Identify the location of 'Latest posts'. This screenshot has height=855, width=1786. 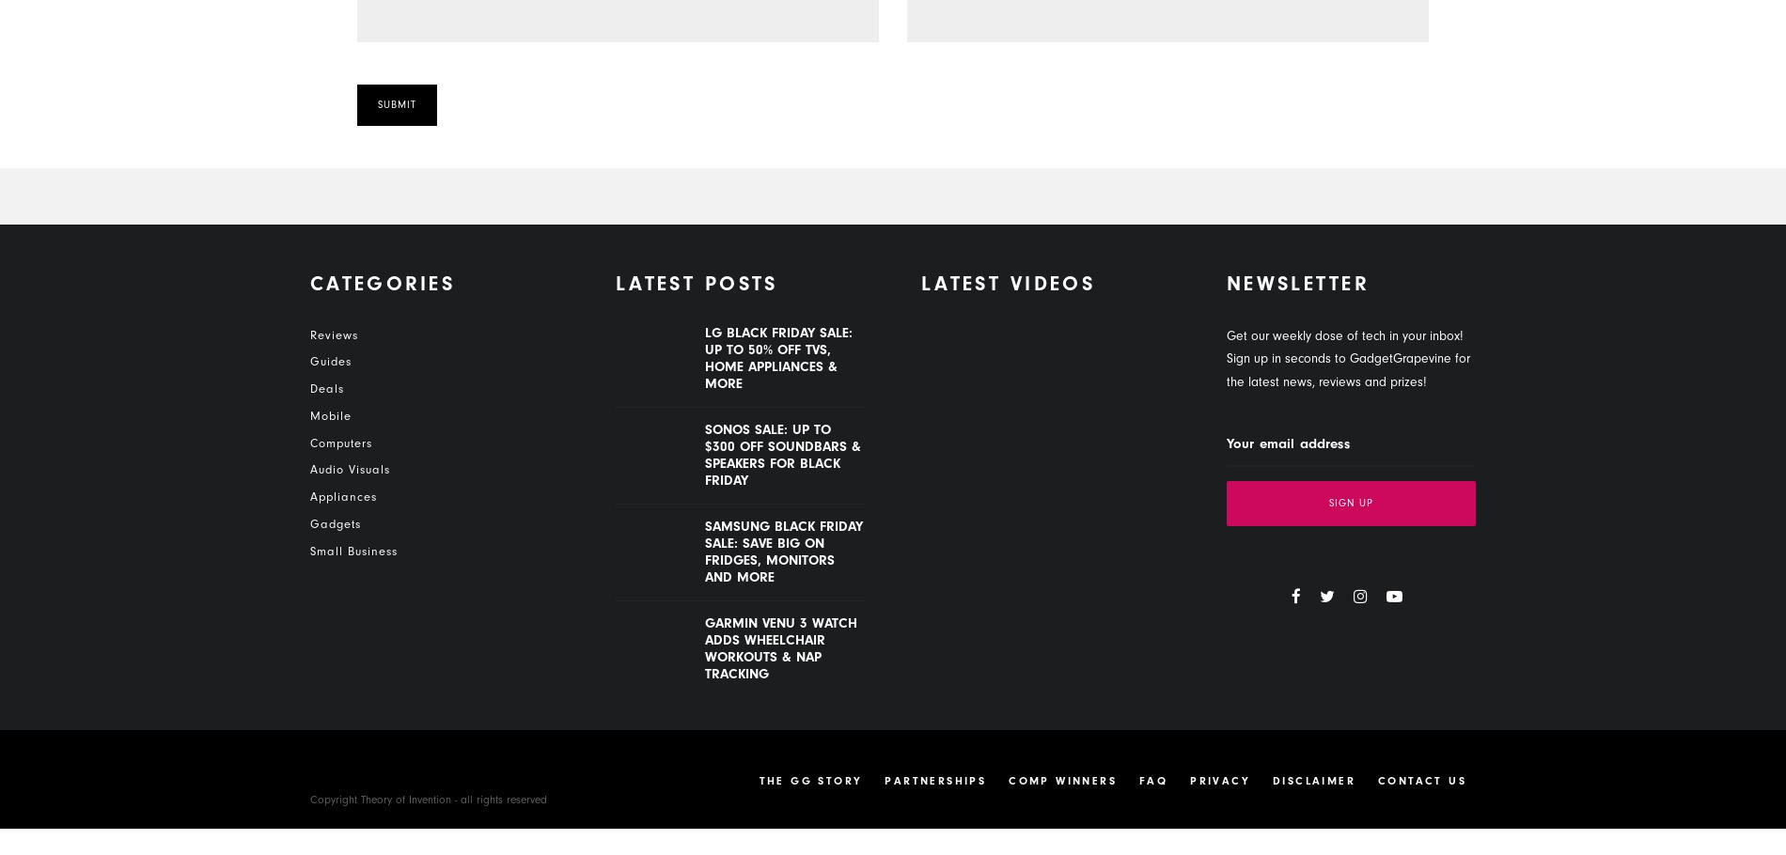
(696, 284).